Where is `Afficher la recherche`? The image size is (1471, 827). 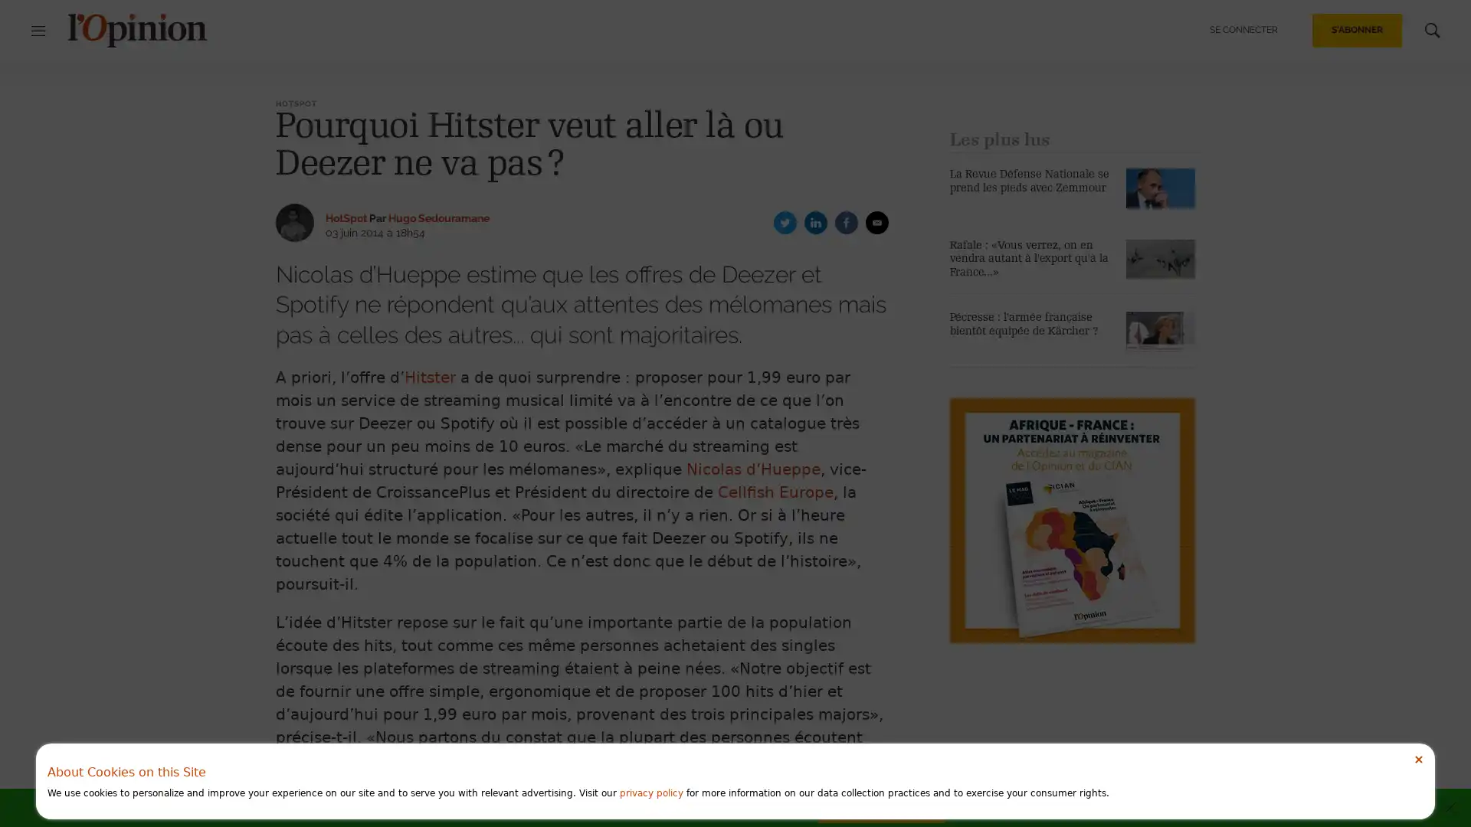 Afficher la recherche is located at coordinates (1424, 30).